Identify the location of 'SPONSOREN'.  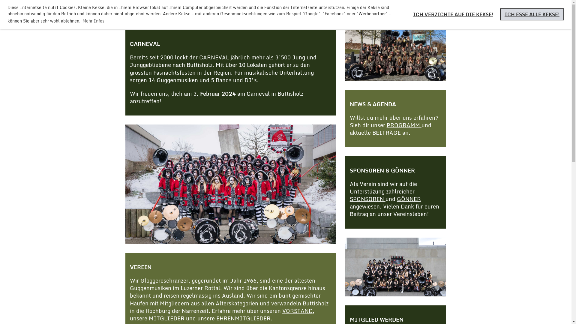
(367, 199).